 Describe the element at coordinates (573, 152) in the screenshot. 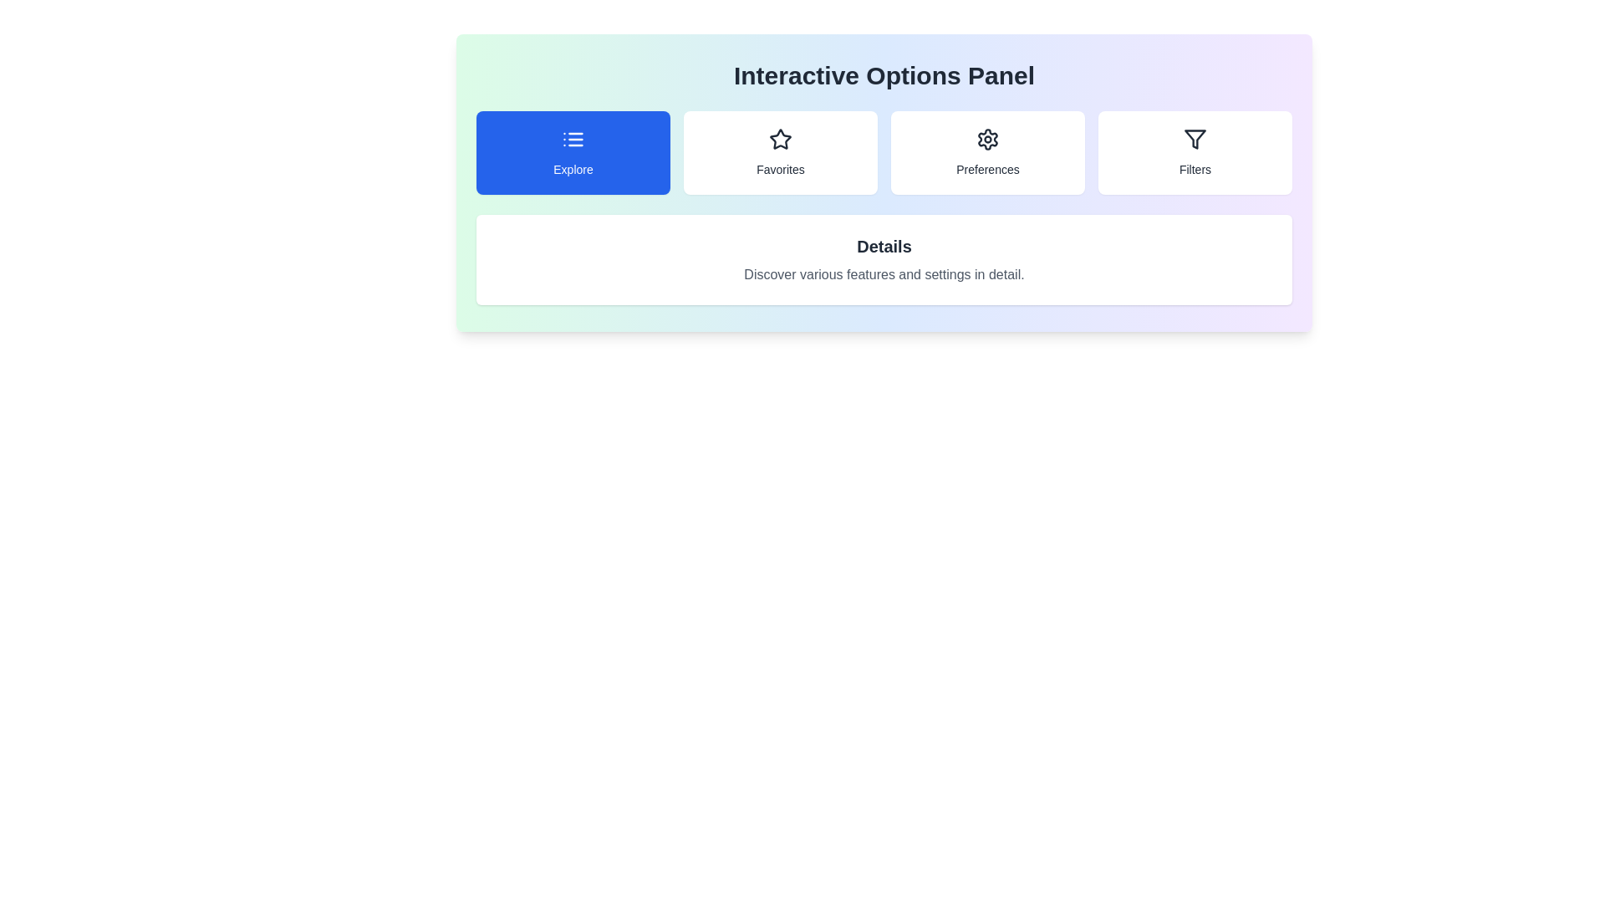

I see `the blue 'Explore' button with white text and a list icon` at that location.